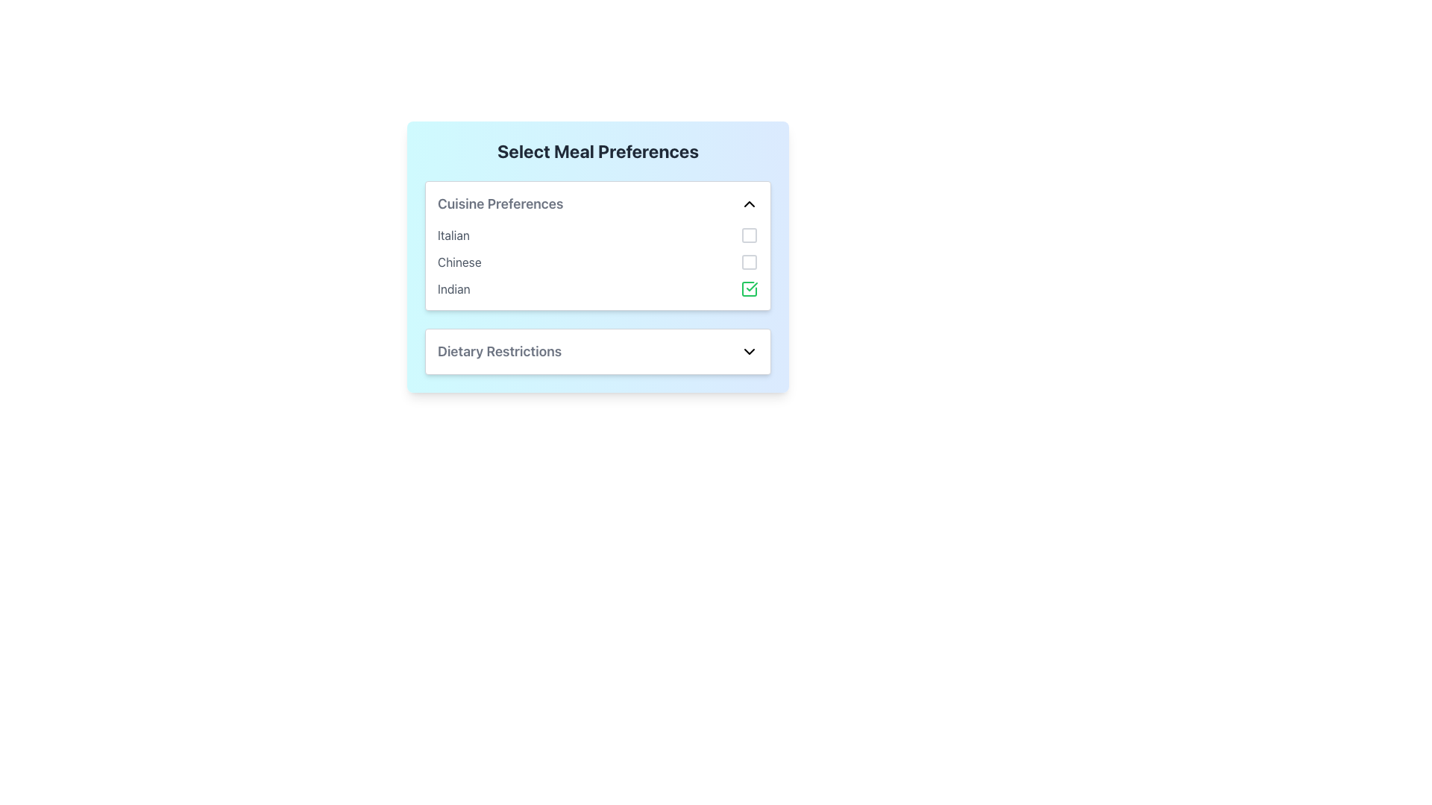  What do you see at coordinates (749, 235) in the screenshot?
I see `the gray checkbox located beside the 'Italian' label in the Cuisine Preferences section` at bounding box center [749, 235].